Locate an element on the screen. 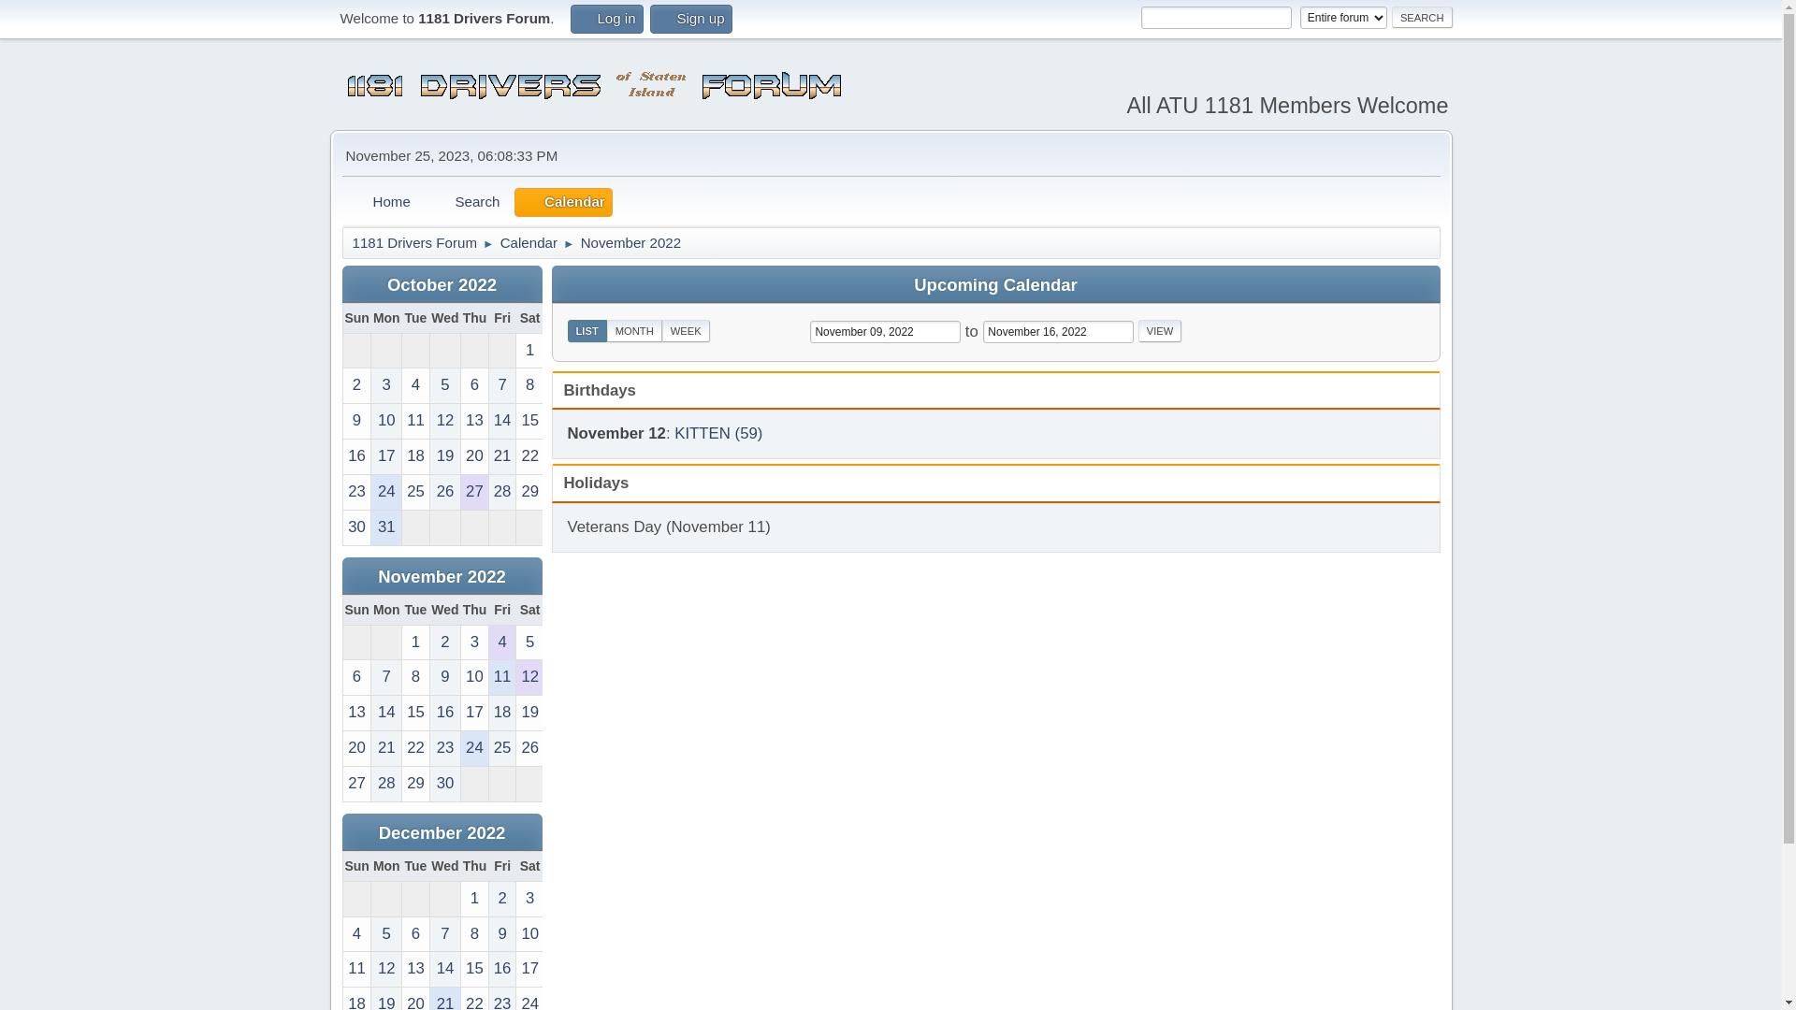  '17' is located at coordinates (529, 968).